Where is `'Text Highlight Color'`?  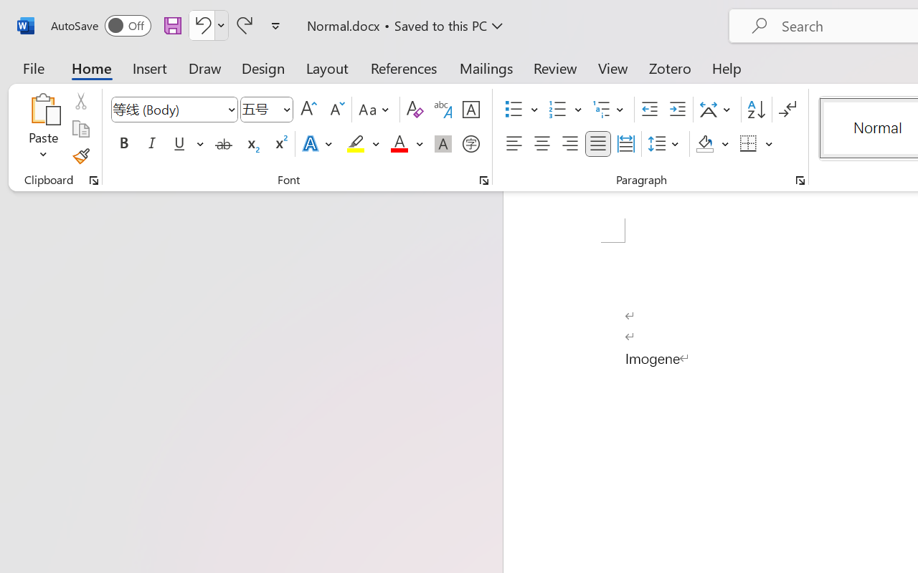
'Text Highlight Color' is located at coordinates (363, 144).